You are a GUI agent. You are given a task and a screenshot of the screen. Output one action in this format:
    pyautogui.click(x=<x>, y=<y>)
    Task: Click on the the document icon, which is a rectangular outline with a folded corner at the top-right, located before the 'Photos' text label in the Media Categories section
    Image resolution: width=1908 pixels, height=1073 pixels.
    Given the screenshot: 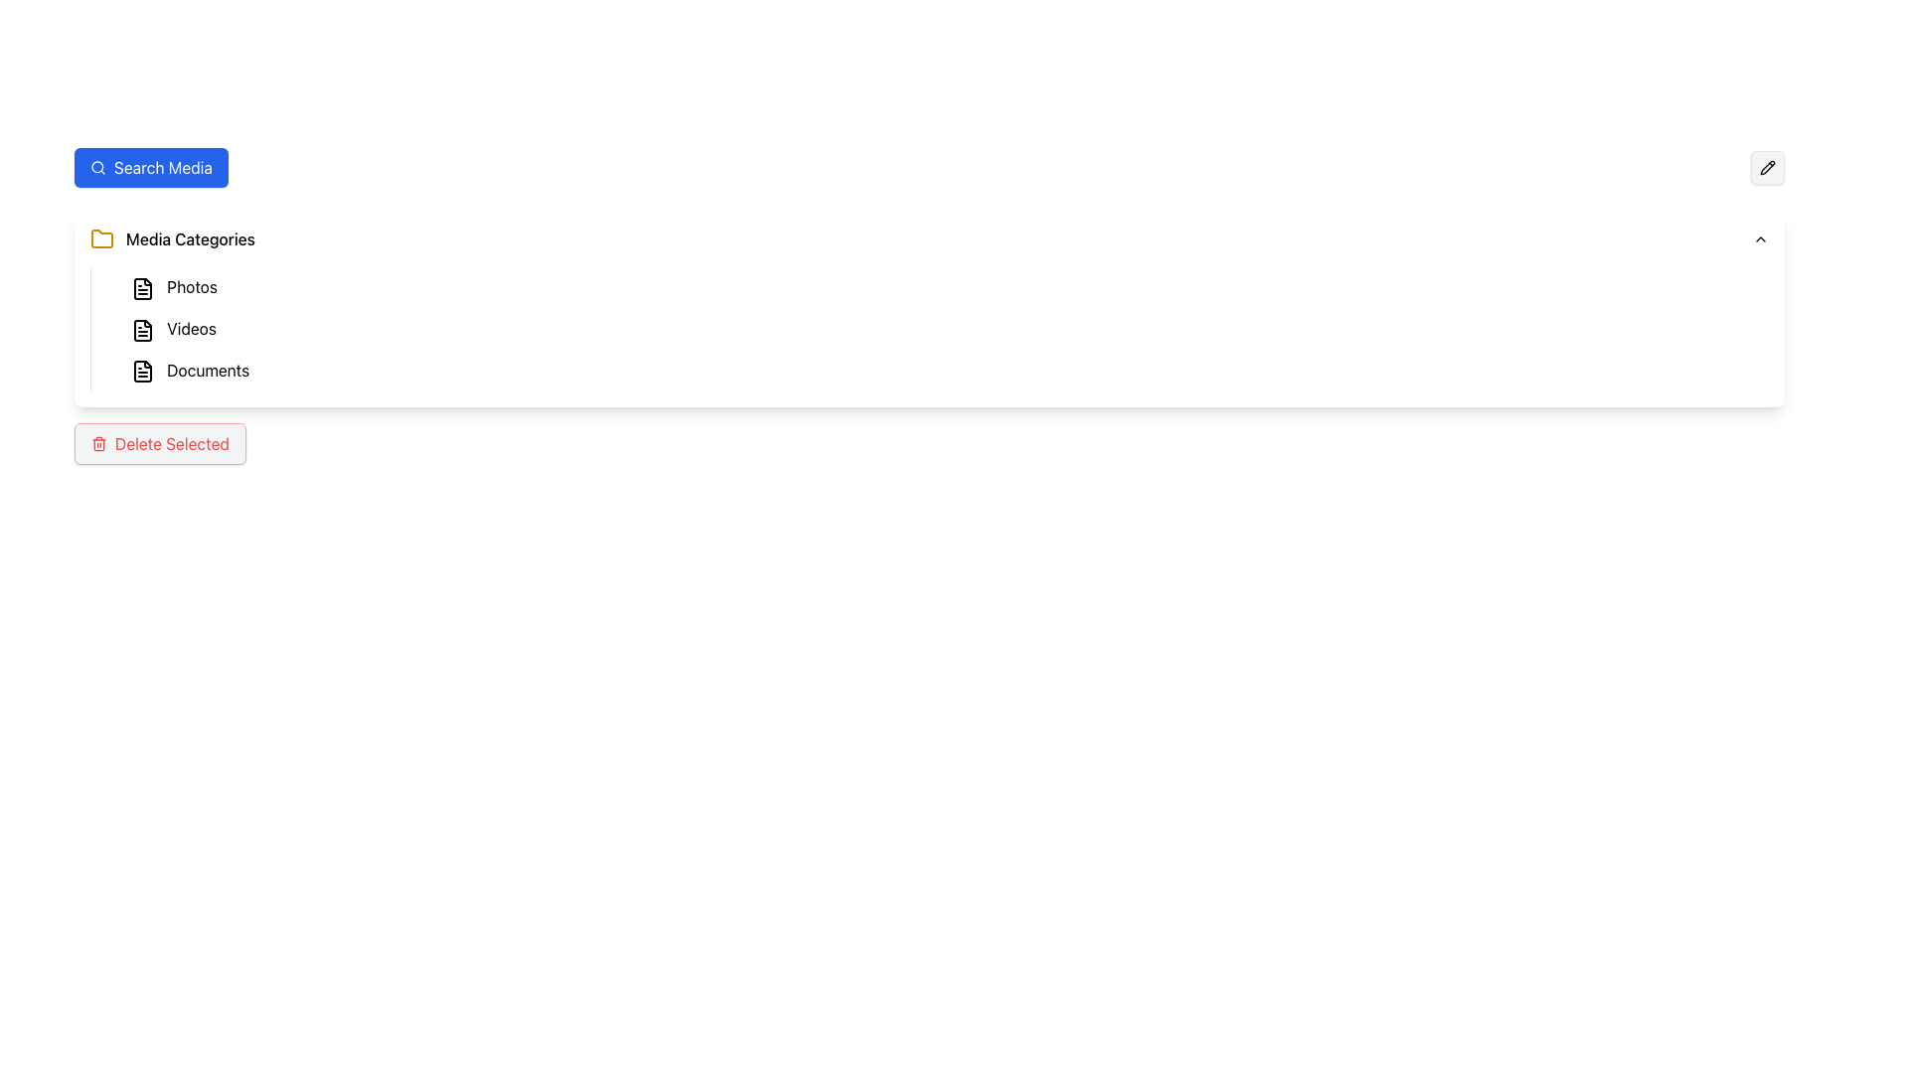 What is the action you would take?
    pyautogui.click(x=142, y=328)
    